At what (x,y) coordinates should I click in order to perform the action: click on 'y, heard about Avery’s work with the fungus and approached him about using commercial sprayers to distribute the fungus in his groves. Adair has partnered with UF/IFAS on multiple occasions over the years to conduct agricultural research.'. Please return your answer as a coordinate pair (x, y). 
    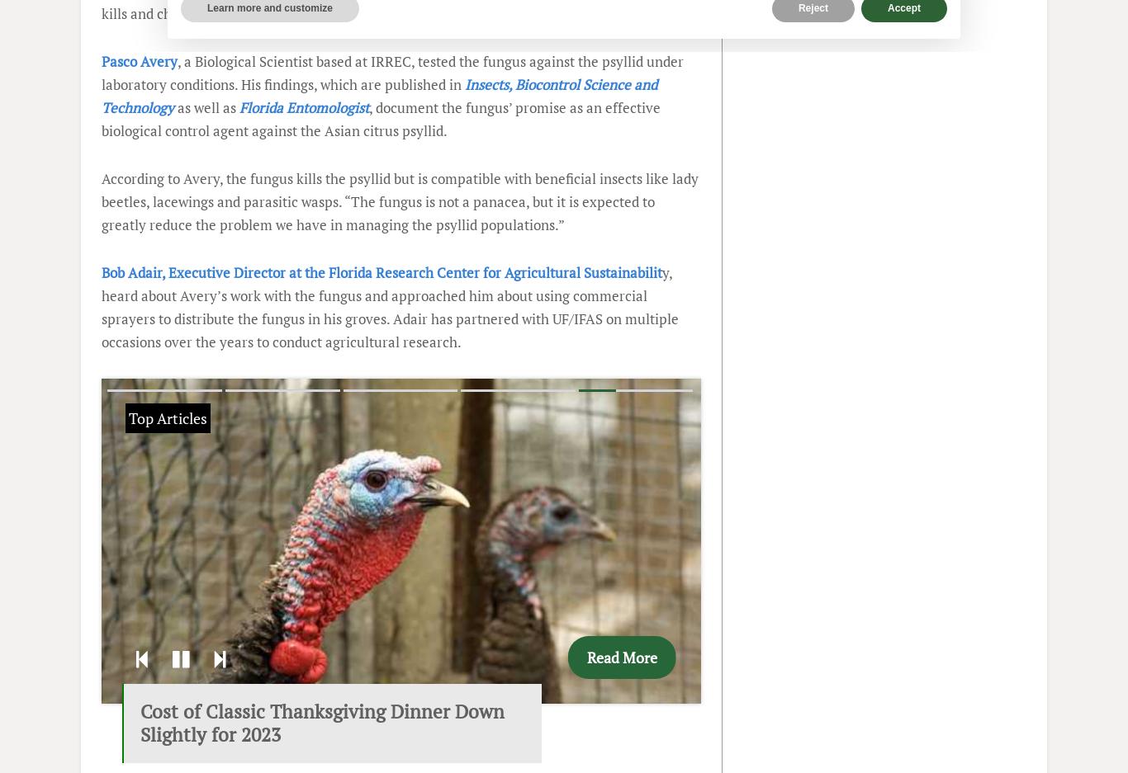
    Looking at the image, I should click on (390, 306).